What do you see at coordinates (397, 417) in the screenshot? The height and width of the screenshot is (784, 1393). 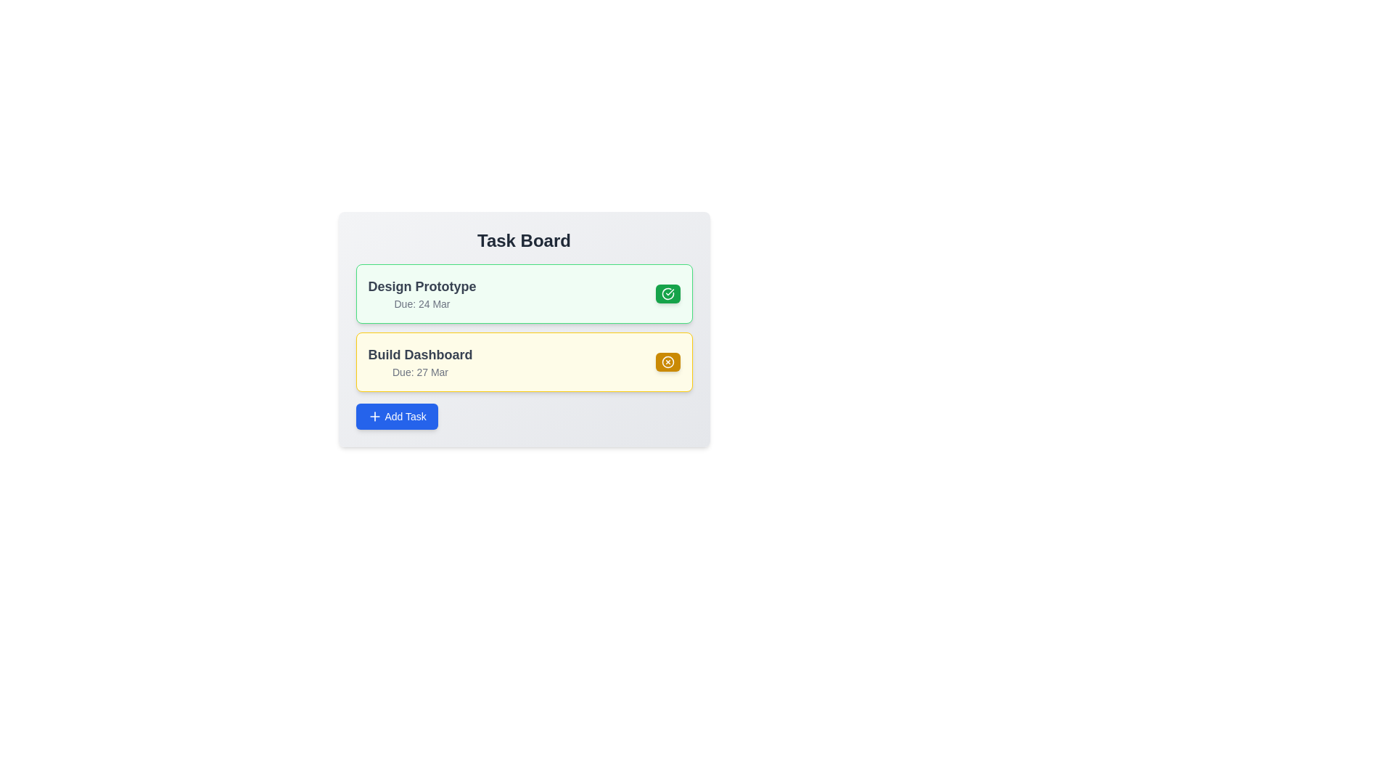 I see `'Add Task' button to add a new task` at bounding box center [397, 417].